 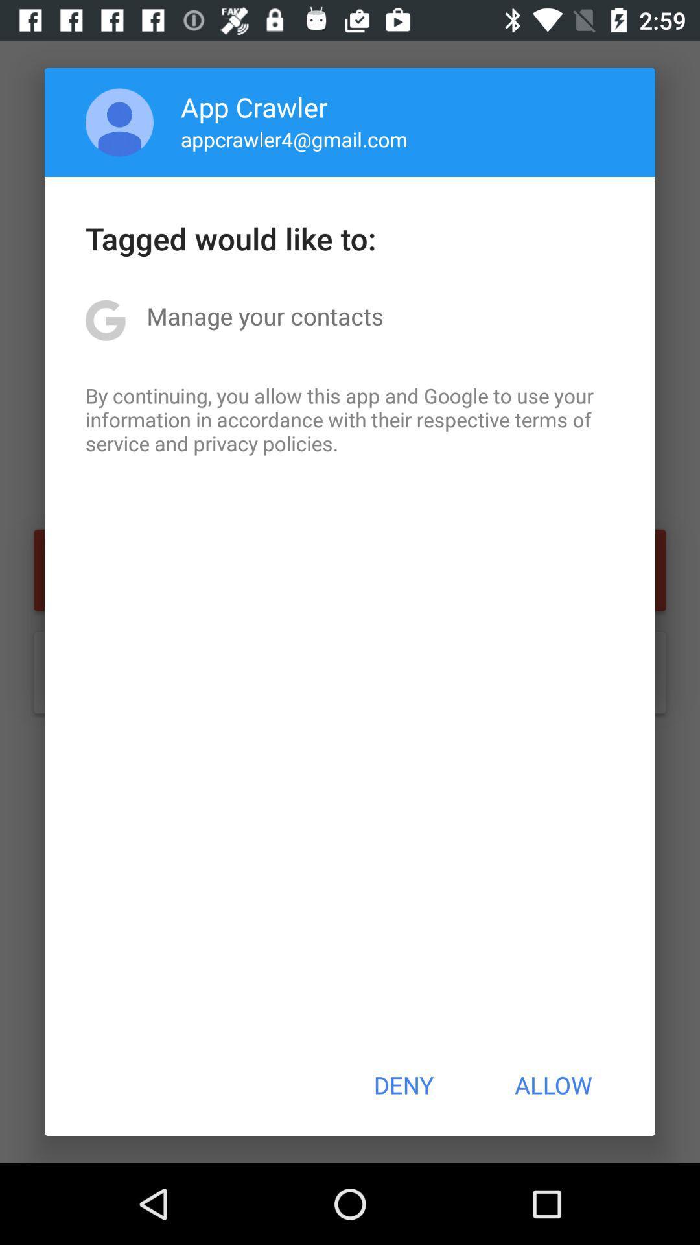 I want to click on appcrawler4@gmail.com icon, so click(x=294, y=139).